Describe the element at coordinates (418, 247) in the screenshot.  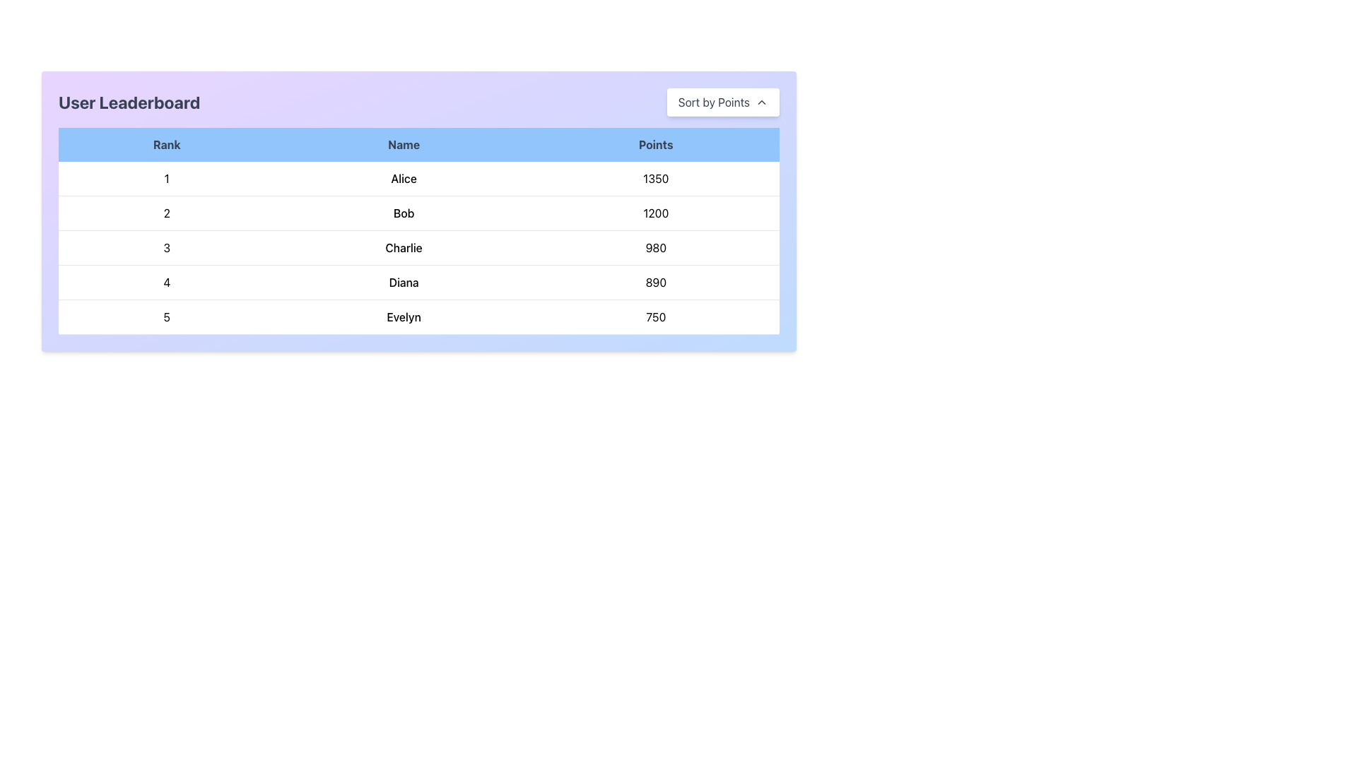
I see `the text of the third row in the leaderboard` at that location.